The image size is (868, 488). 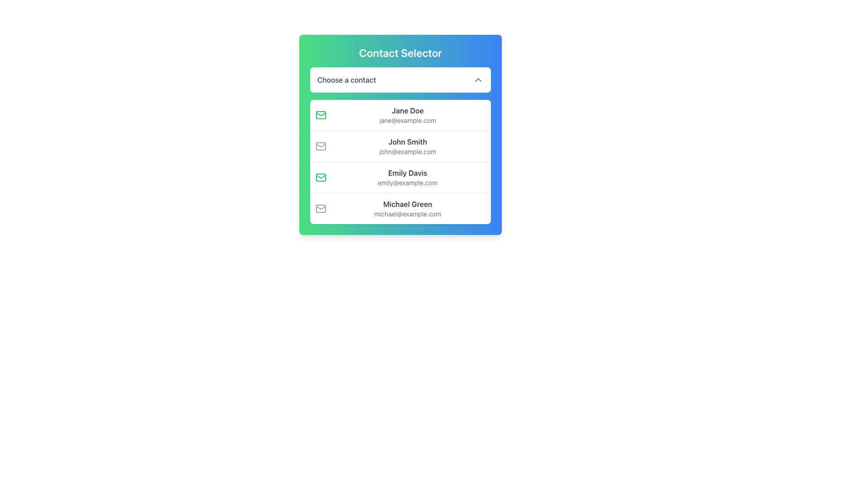 What do you see at coordinates (407, 146) in the screenshot?
I see `the Text Display containing the name 'John Smith' and email 'john@example.com' in the contact list under 'Contact Selector'` at bounding box center [407, 146].